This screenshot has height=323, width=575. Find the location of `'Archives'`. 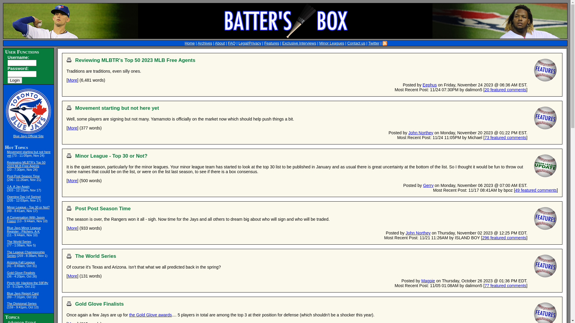

'Archives' is located at coordinates (205, 43).